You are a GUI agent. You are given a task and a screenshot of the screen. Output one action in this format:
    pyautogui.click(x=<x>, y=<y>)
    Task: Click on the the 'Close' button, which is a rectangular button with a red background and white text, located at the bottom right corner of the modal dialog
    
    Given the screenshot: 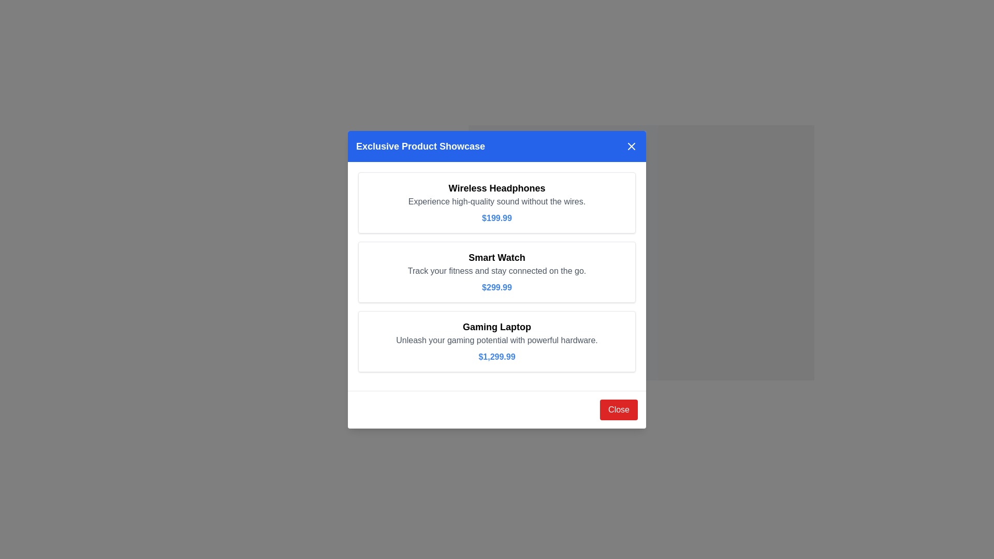 What is the action you would take?
    pyautogui.click(x=619, y=409)
    